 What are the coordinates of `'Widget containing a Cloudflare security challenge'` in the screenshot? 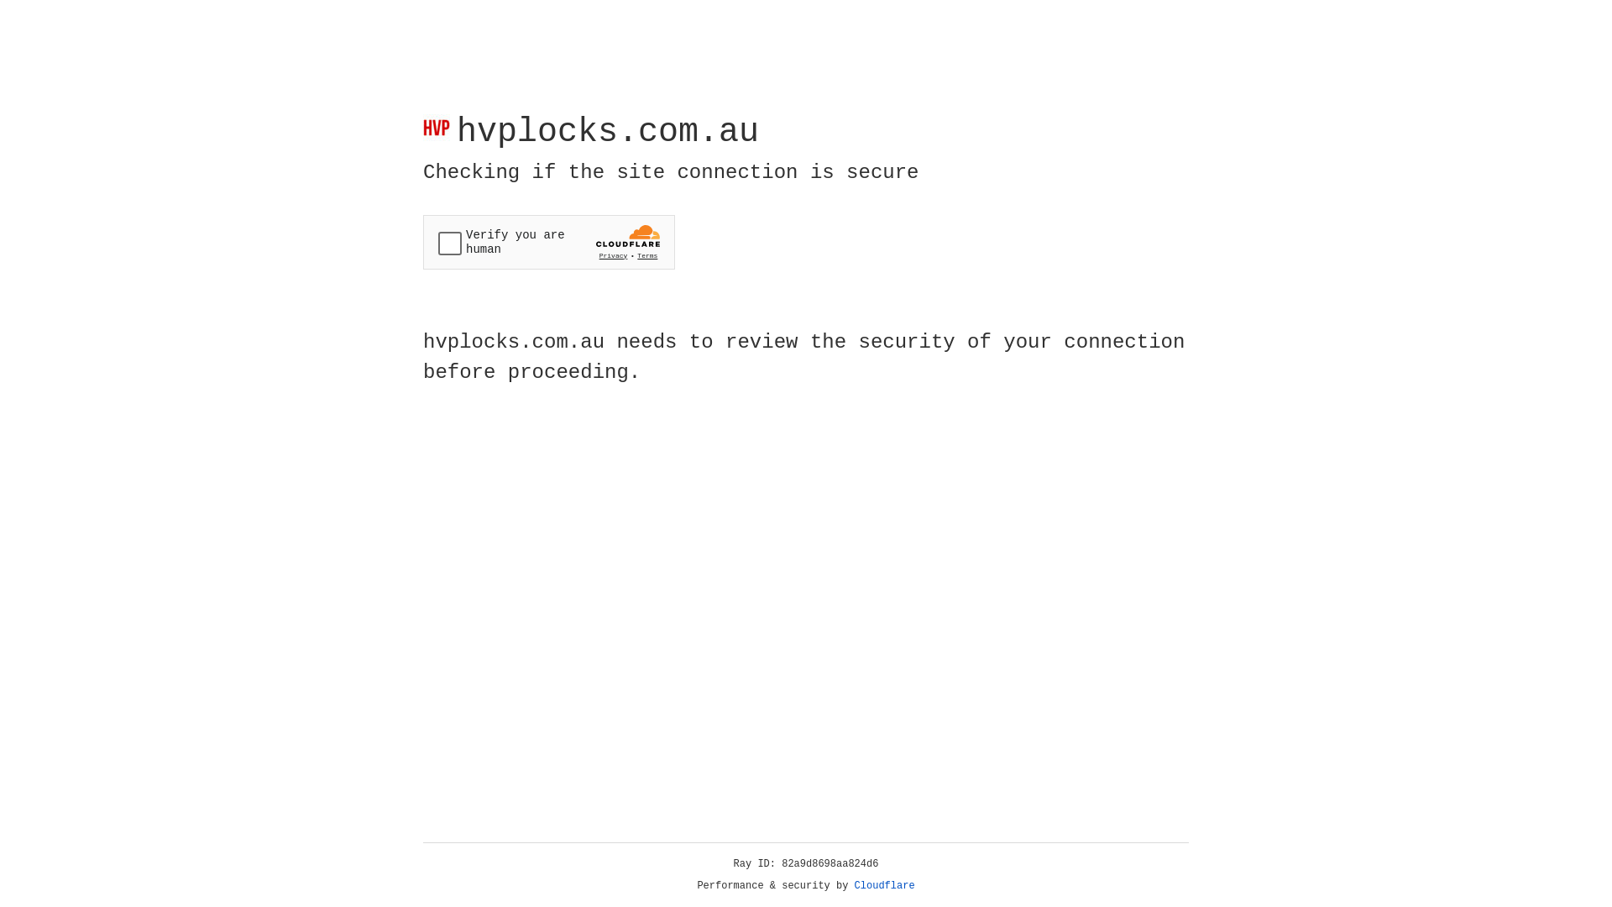 It's located at (548, 242).